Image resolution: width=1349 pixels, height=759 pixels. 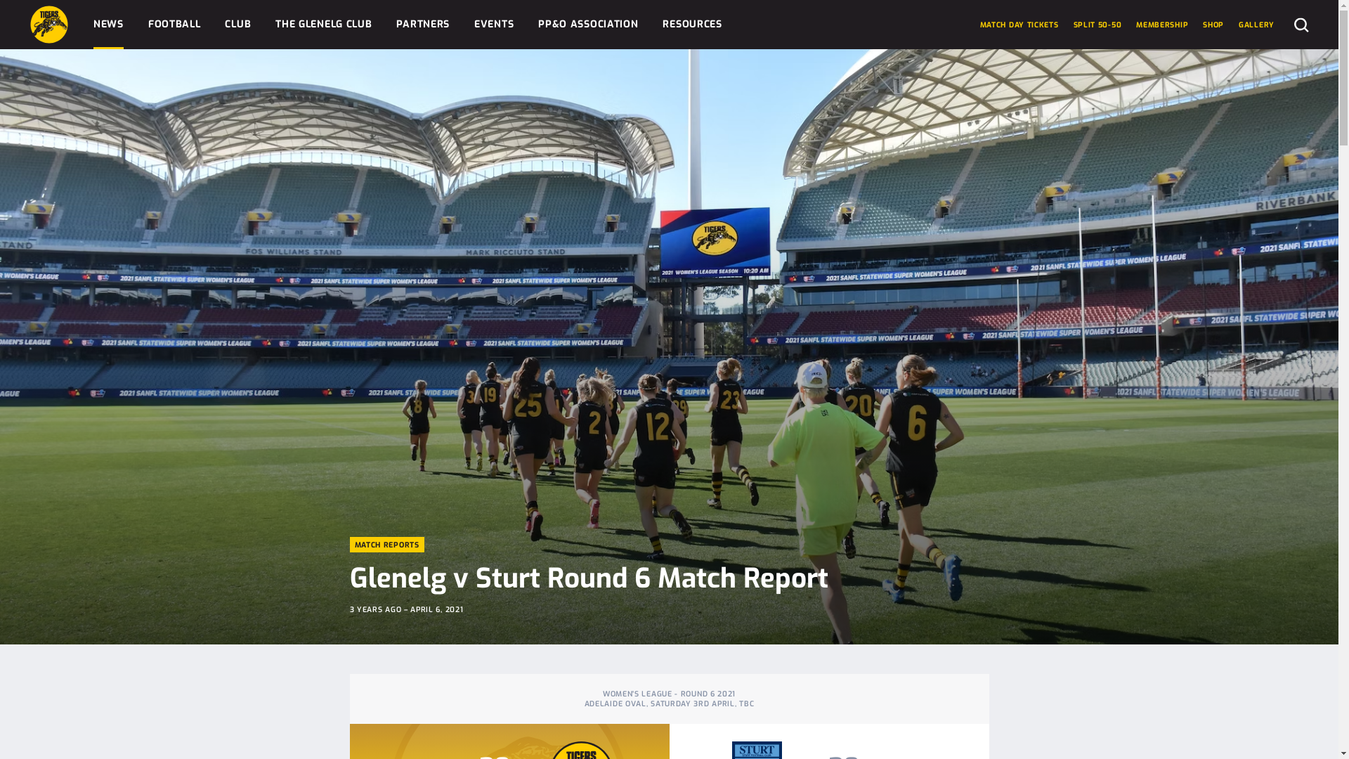 I want to click on 'Glenelg Football Club', so click(x=49, y=24).